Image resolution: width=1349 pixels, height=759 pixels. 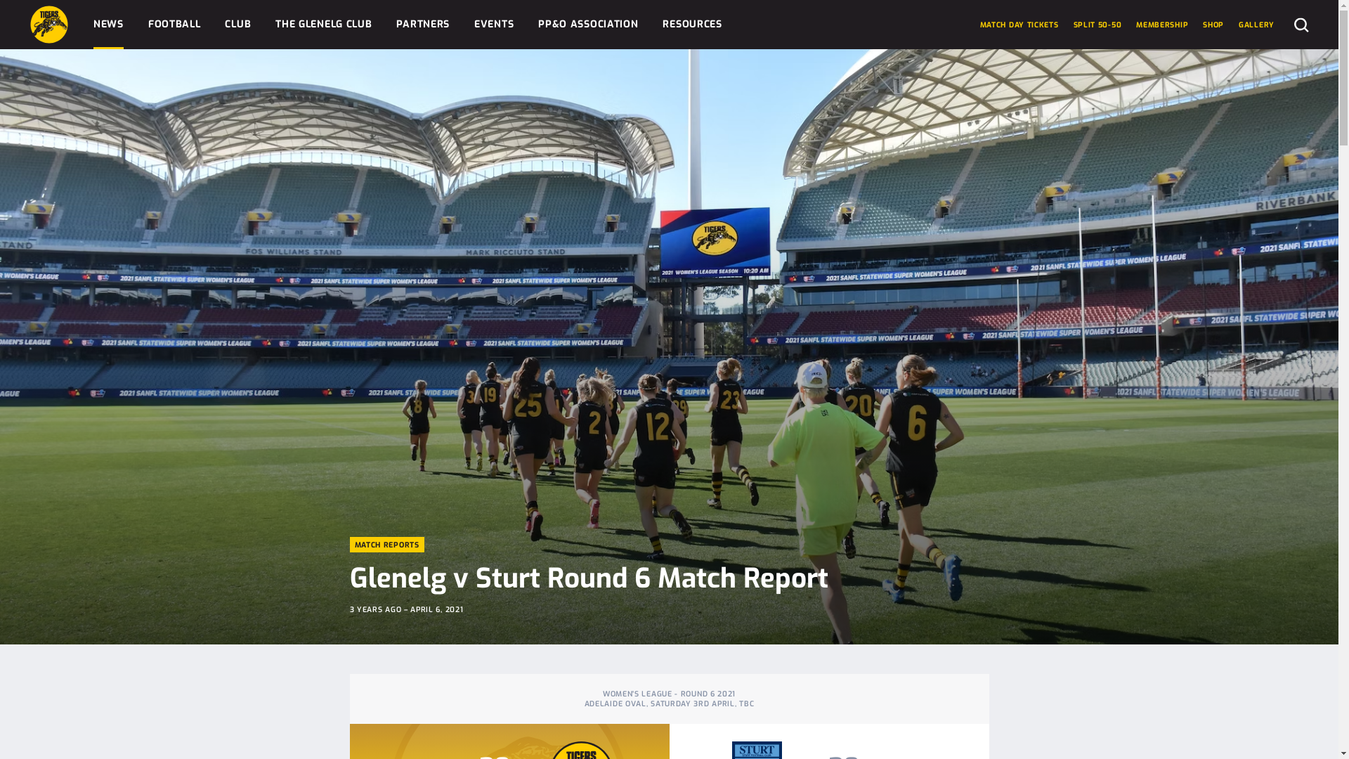 I want to click on 'Glenelg Football Club', so click(x=49, y=24).